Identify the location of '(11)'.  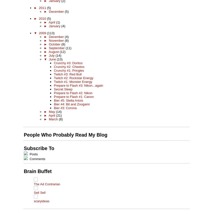
(65, 48).